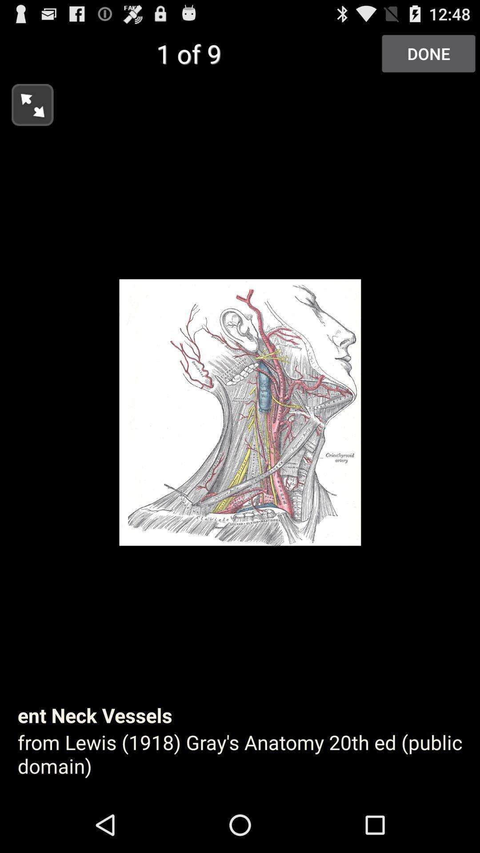 This screenshot has height=853, width=480. What do you see at coordinates (240, 412) in the screenshot?
I see `icon at the center` at bounding box center [240, 412].